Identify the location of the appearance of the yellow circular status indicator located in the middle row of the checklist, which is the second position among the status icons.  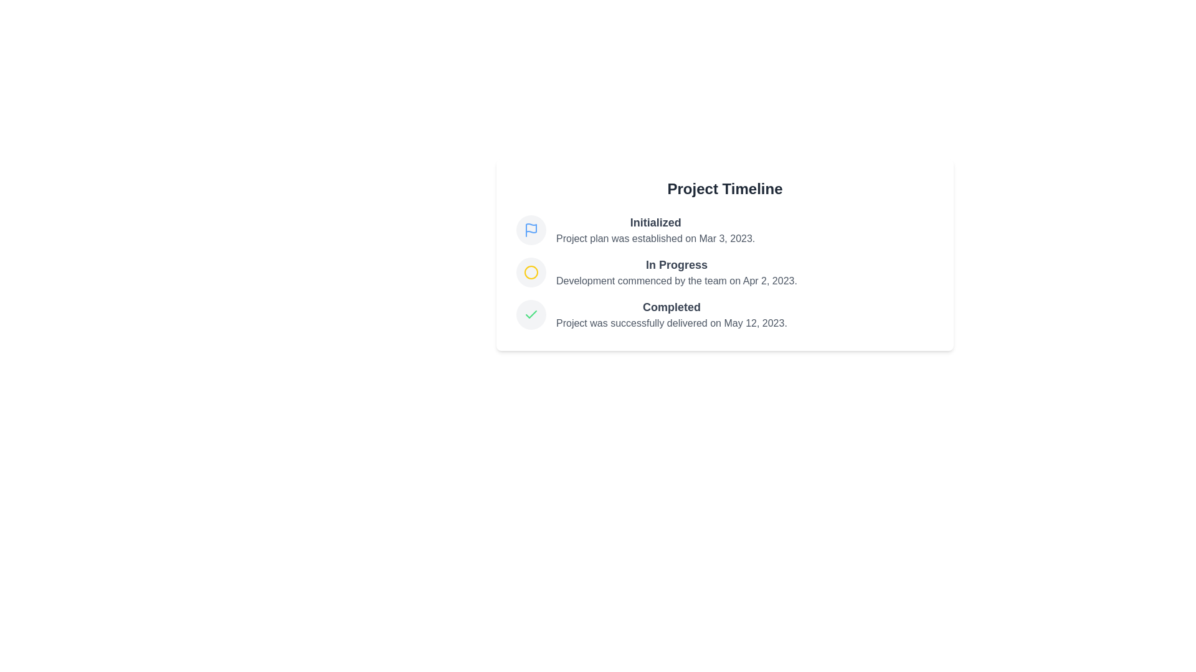
(531, 272).